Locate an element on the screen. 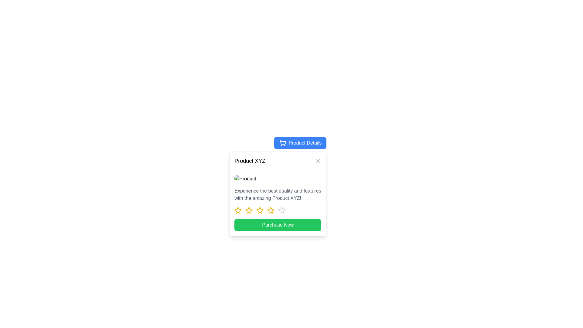 The image size is (583, 328). each star in the rating display, which shows a 4 out of 5 stars rating is located at coordinates (278, 210).